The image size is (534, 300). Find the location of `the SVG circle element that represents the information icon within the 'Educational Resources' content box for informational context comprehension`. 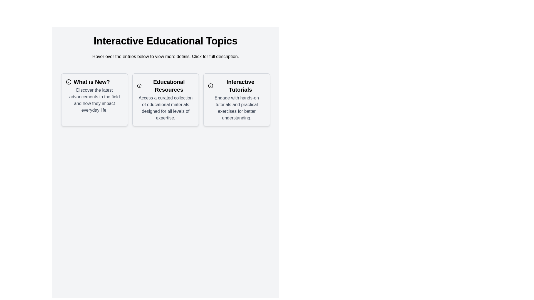

the SVG circle element that represents the information icon within the 'Educational Resources' content box for informational context comprehension is located at coordinates (210, 86).